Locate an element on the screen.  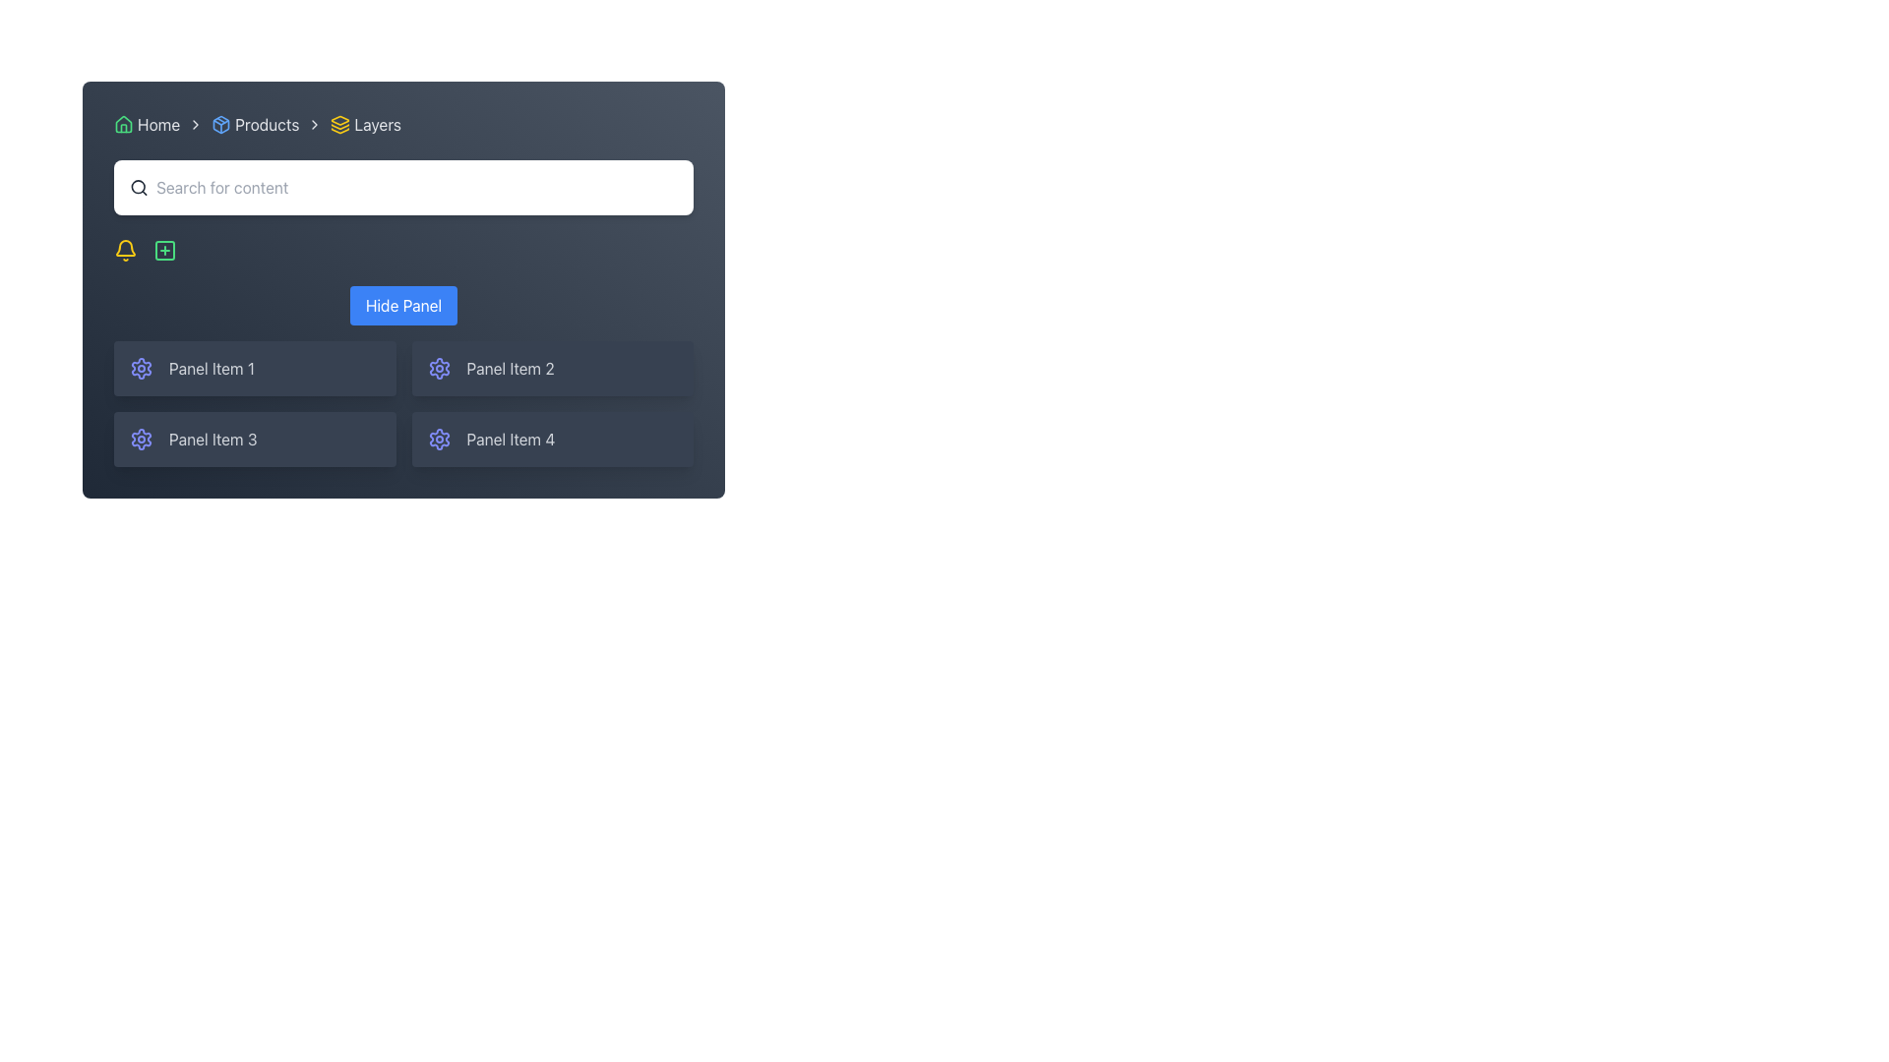
the second chevron in the breadcrumb navigation, which separates 'Products' and 'Layers' is located at coordinates (315, 125).